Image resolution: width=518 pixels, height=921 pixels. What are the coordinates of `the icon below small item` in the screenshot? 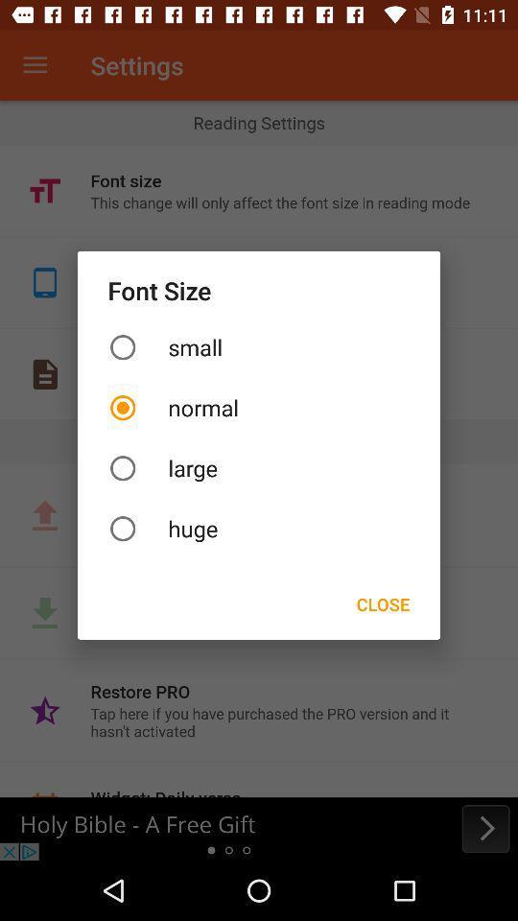 It's located at (259, 408).